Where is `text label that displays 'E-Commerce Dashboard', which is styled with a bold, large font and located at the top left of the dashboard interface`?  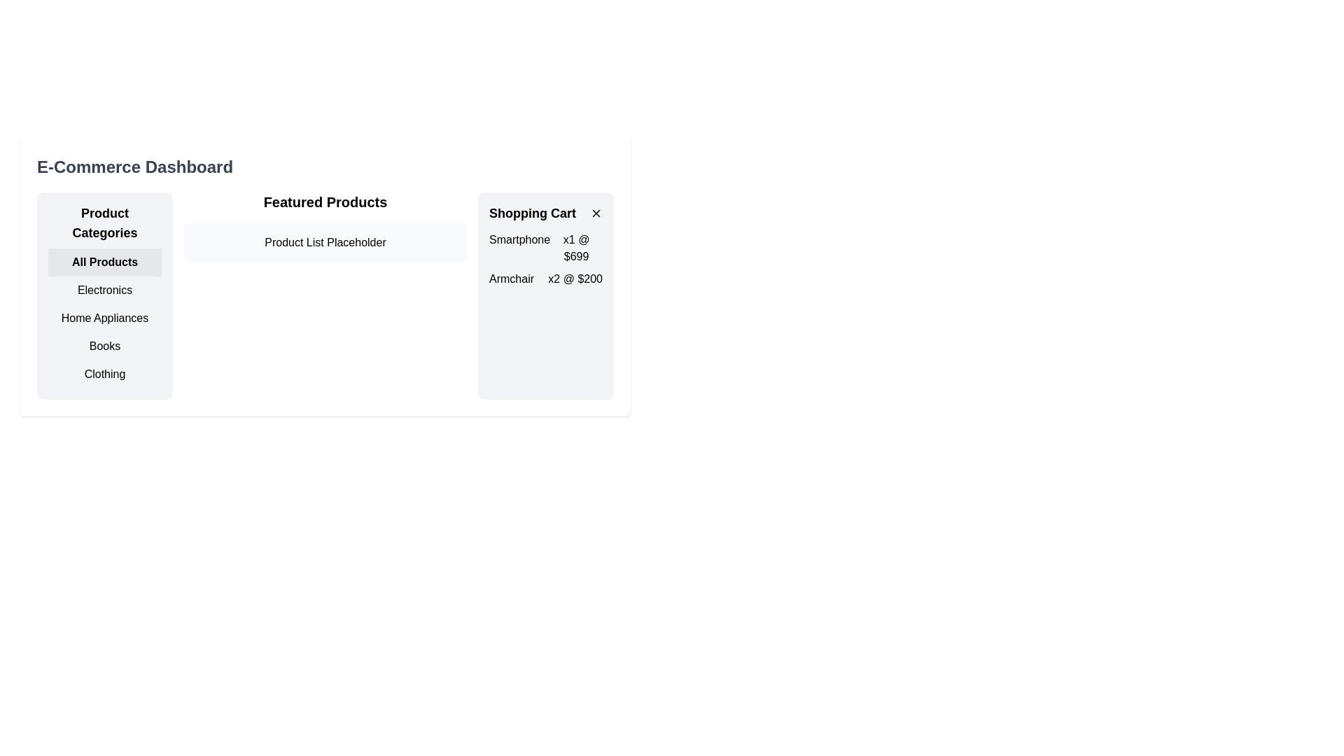
text label that displays 'E-Commerce Dashboard', which is styled with a bold, large font and located at the top left of the dashboard interface is located at coordinates (134, 167).